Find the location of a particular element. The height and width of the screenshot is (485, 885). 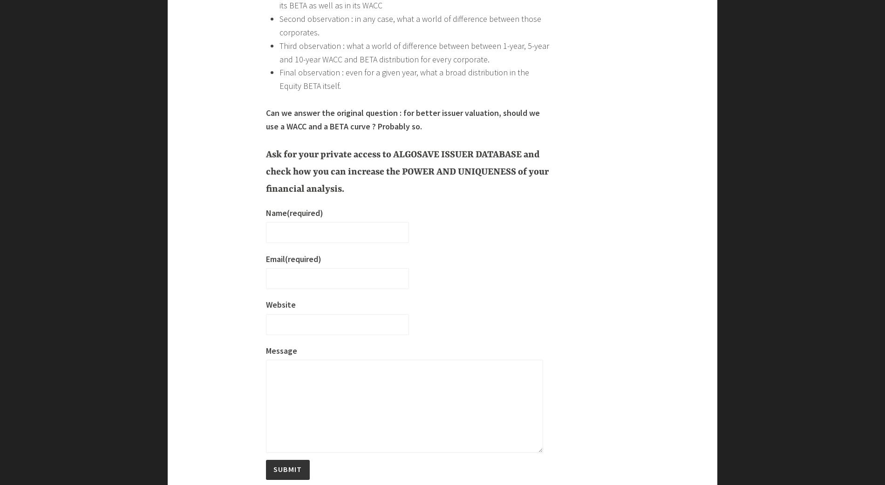

'1-year distribution in blue' is located at coordinates (323, 325).